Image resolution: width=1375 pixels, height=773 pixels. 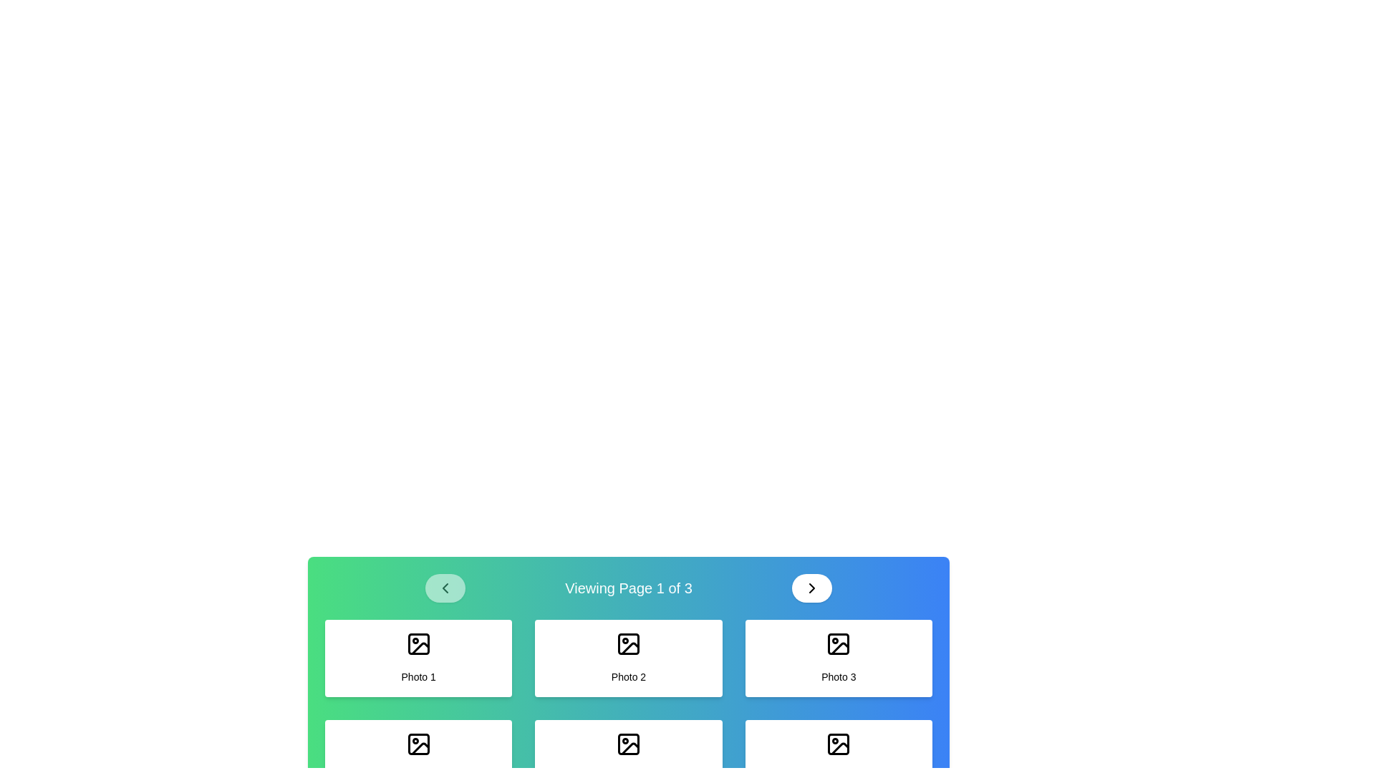 What do you see at coordinates (418, 643) in the screenshot?
I see `the small rectangular component with rounded corners located inside the first square icon element above the text labeled 'Photo 1'` at bounding box center [418, 643].